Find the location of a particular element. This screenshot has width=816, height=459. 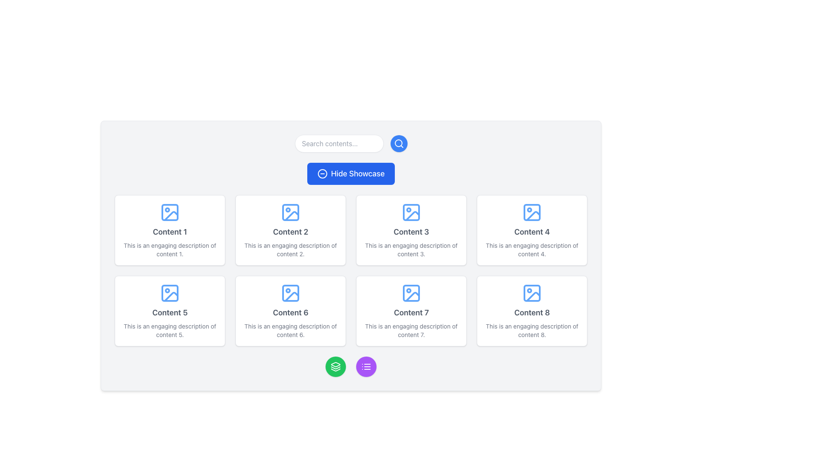

the Content card labeled 'Content 8' located in the fourth column and second row of the grid layout to interact with it is located at coordinates (532, 311).